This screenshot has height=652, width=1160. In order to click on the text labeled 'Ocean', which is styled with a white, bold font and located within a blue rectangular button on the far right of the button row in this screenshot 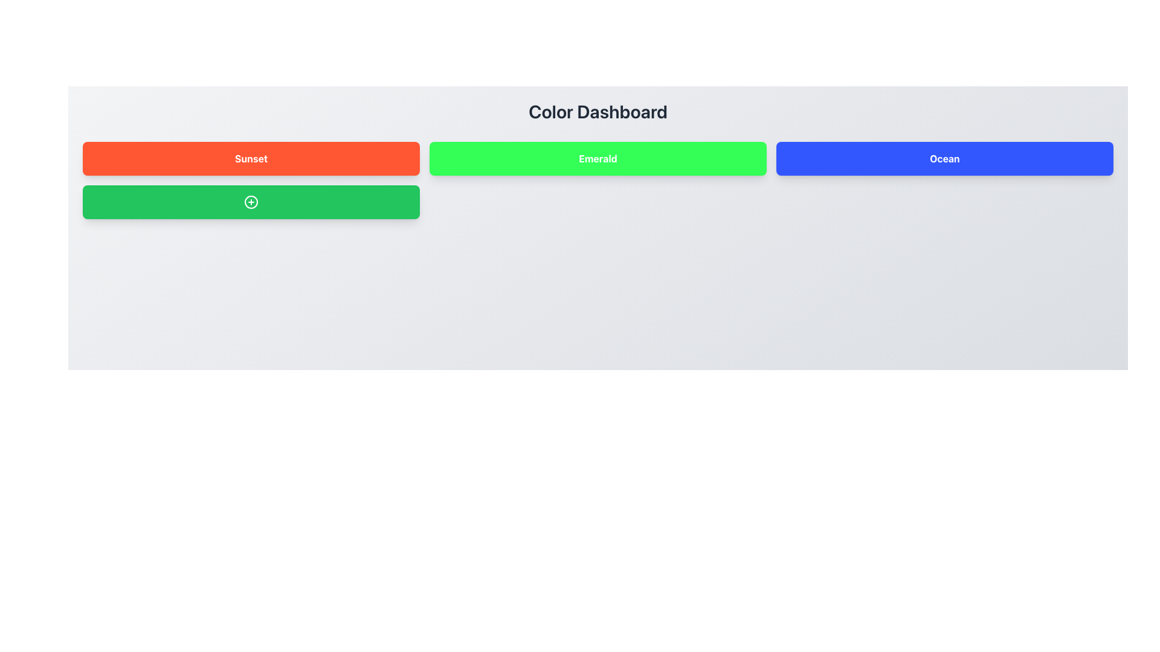, I will do `click(944, 158)`.